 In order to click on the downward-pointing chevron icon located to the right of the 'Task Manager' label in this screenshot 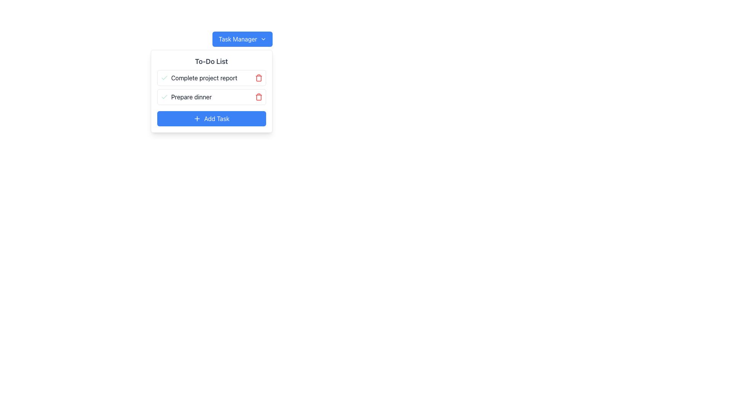, I will do `click(263, 39)`.